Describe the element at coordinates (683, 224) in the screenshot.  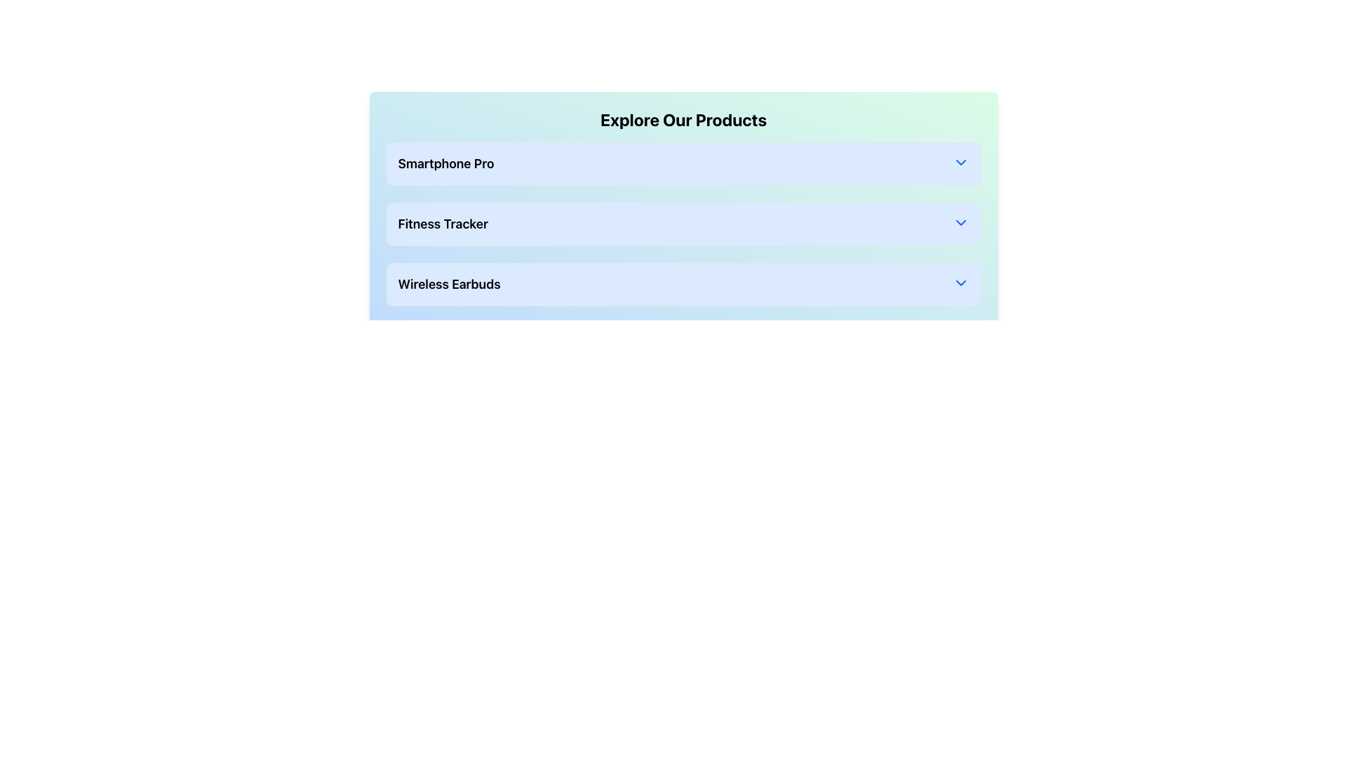
I see `the second button in the vertical list, positioned below 'Smartphone Pro' and above 'Wireless Earbuds', to interact with it` at that location.